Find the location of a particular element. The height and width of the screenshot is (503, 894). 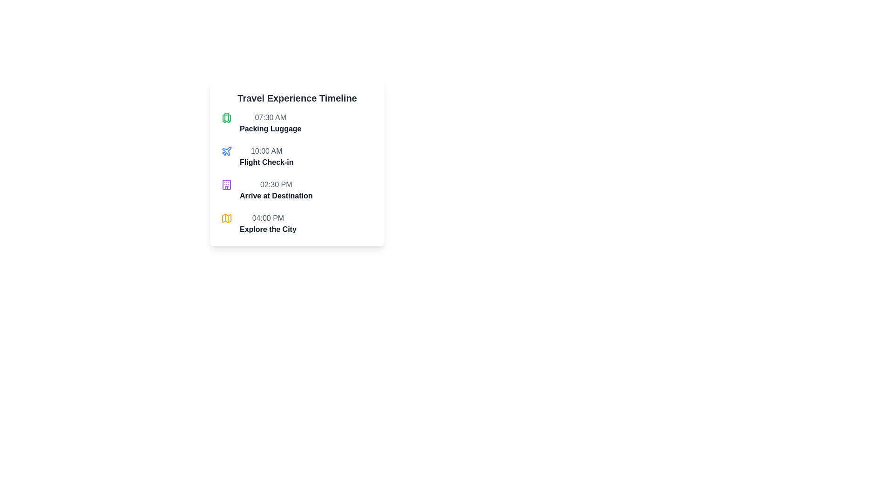

the first Timeline event item displaying 'Packing Luggage' with a time indicator '07:30 AM' and a green luggage icon is located at coordinates (297, 123).